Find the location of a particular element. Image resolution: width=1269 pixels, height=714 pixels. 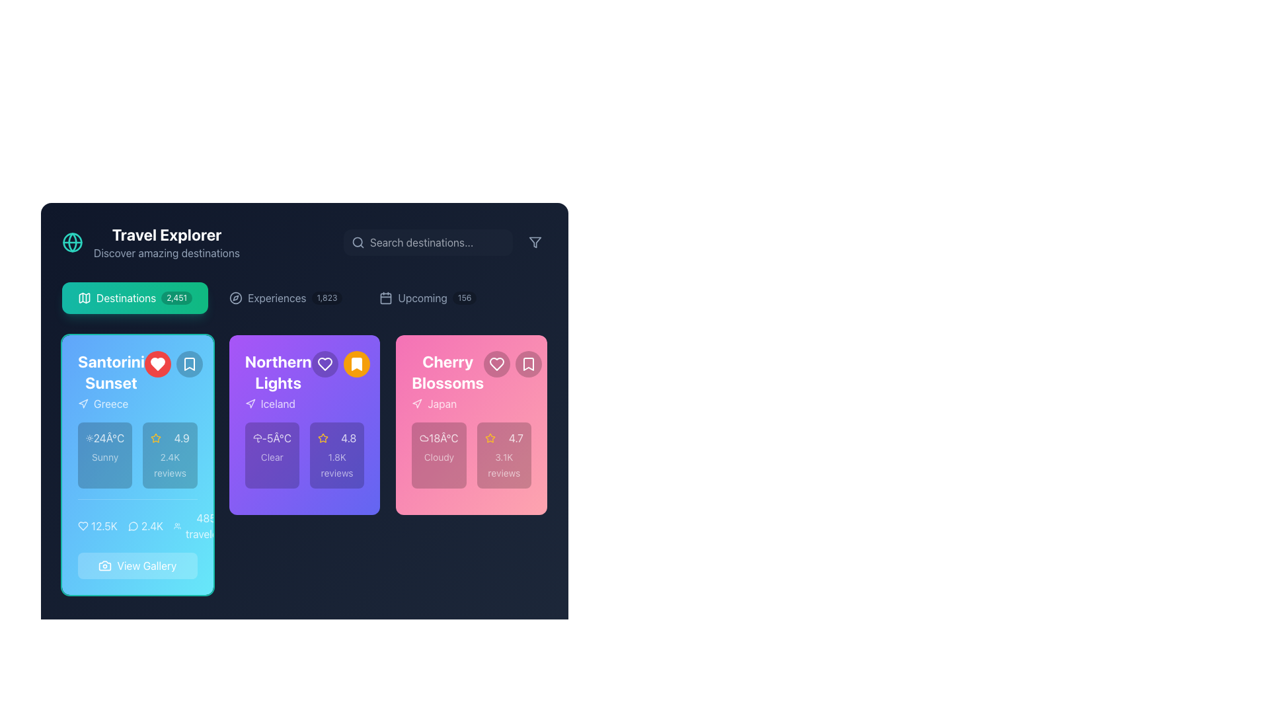

the message or review indicator icon located above the text '2.4K' for the 'Santorini Sunset' destination is located at coordinates (133, 525).